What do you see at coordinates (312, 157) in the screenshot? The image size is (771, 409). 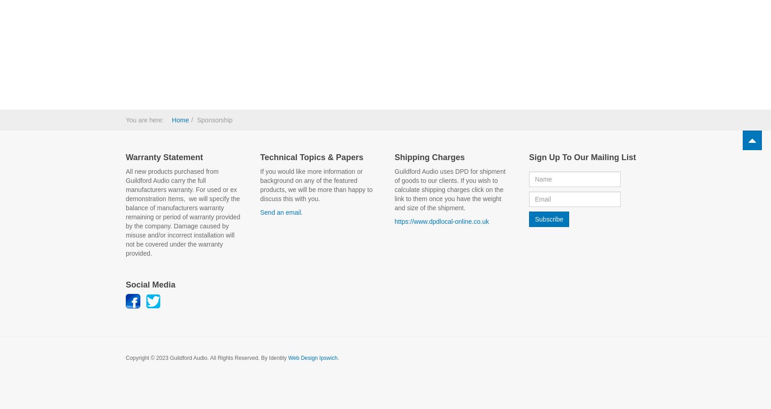 I see `'Technical Topics & Papers'` at bounding box center [312, 157].